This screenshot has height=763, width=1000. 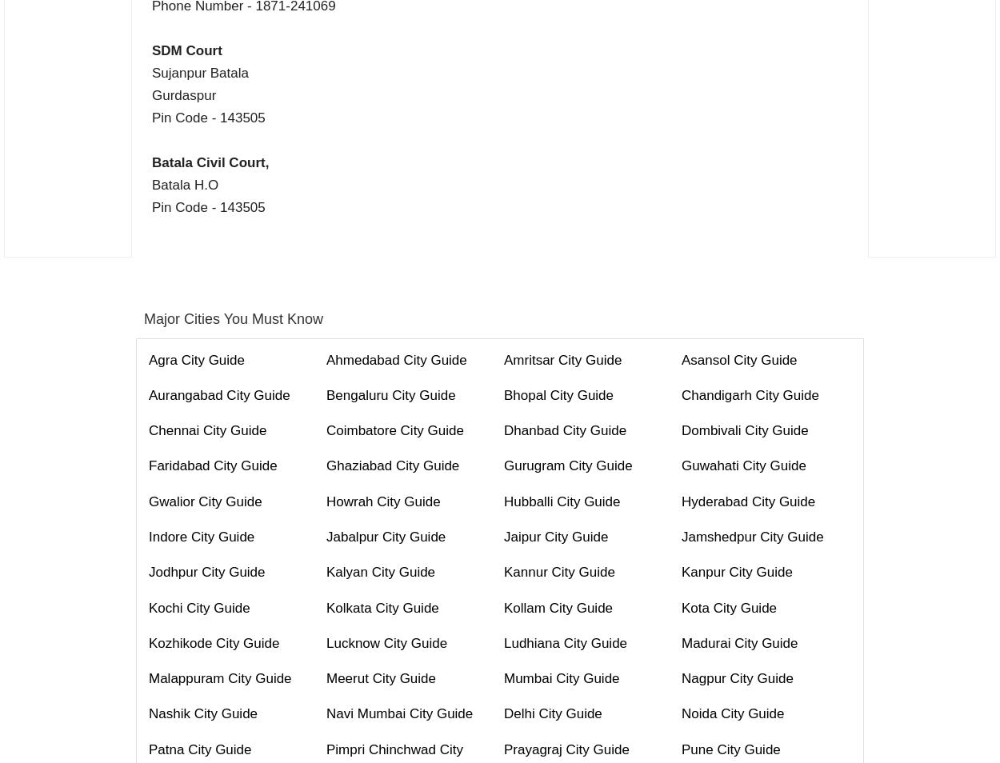 What do you see at coordinates (561, 500) in the screenshot?
I see `'Hubballi City Guide'` at bounding box center [561, 500].